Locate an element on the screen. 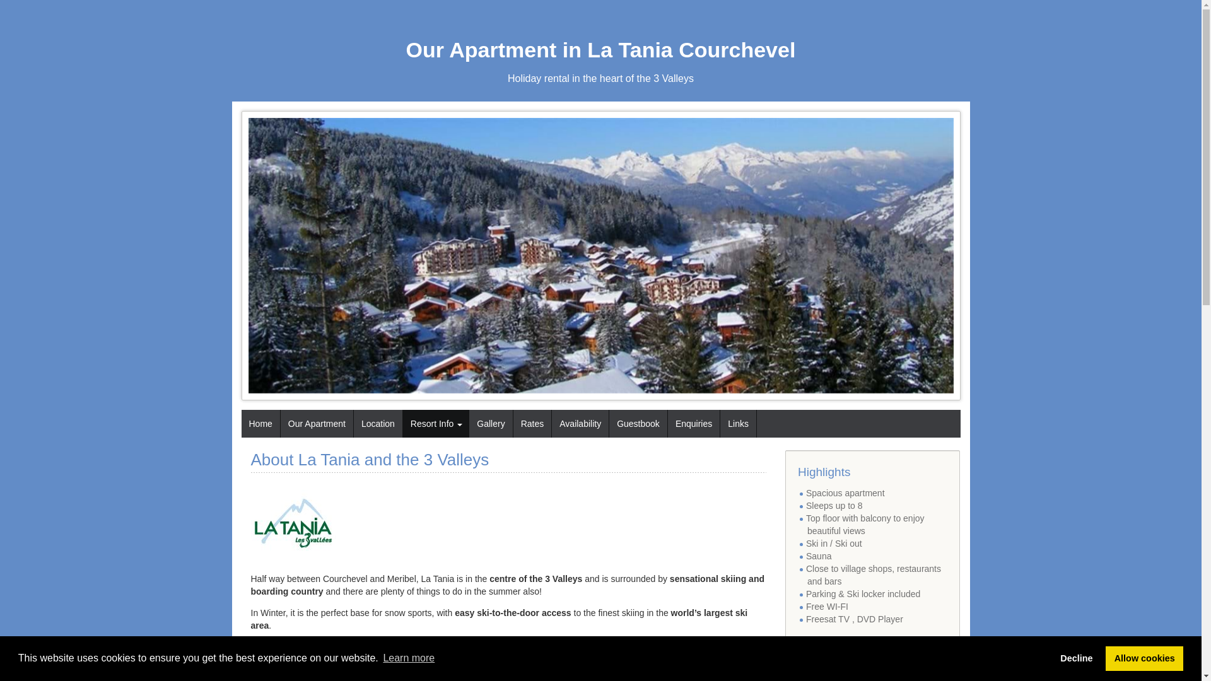  'Enquiries' is located at coordinates (693, 423).